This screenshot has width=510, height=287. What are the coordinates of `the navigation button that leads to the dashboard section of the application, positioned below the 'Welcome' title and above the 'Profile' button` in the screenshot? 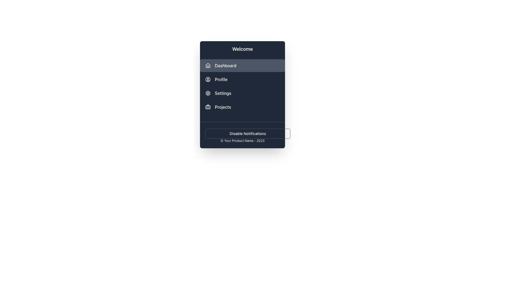 It's located at (242, 65).